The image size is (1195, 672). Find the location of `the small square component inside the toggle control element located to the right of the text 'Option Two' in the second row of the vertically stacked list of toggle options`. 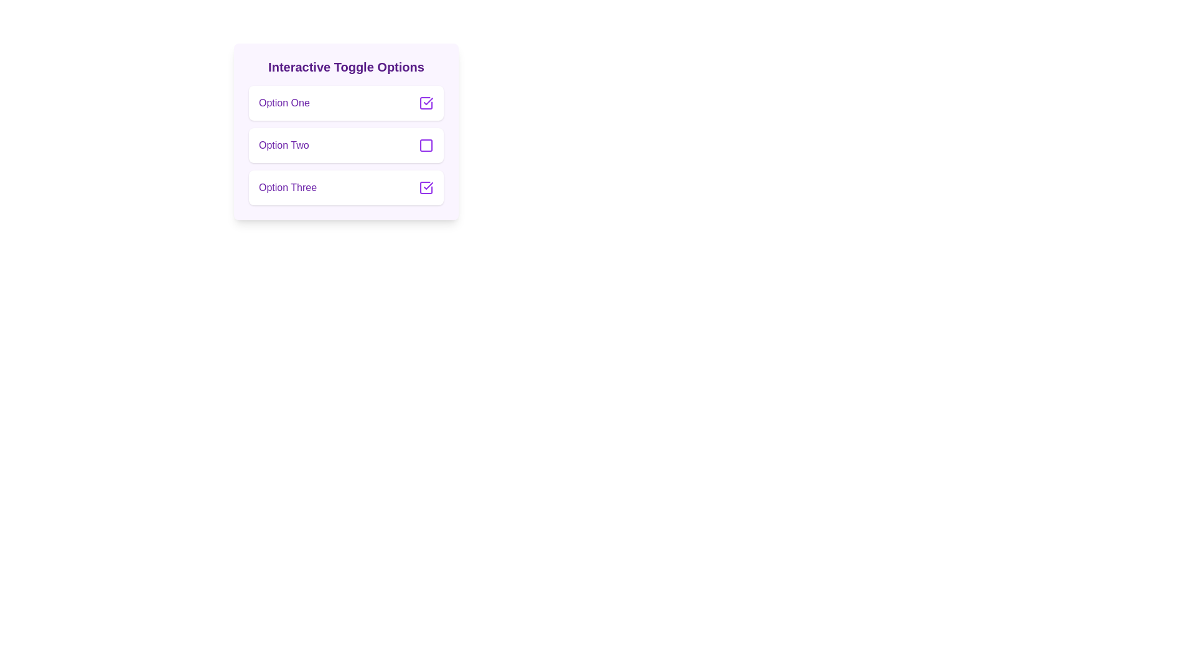

the small square component inside the toggle control element located to the right of the text 'Option Two' in the second row of the vertically stacked list of toggle options is located at coordinates (426, 145).